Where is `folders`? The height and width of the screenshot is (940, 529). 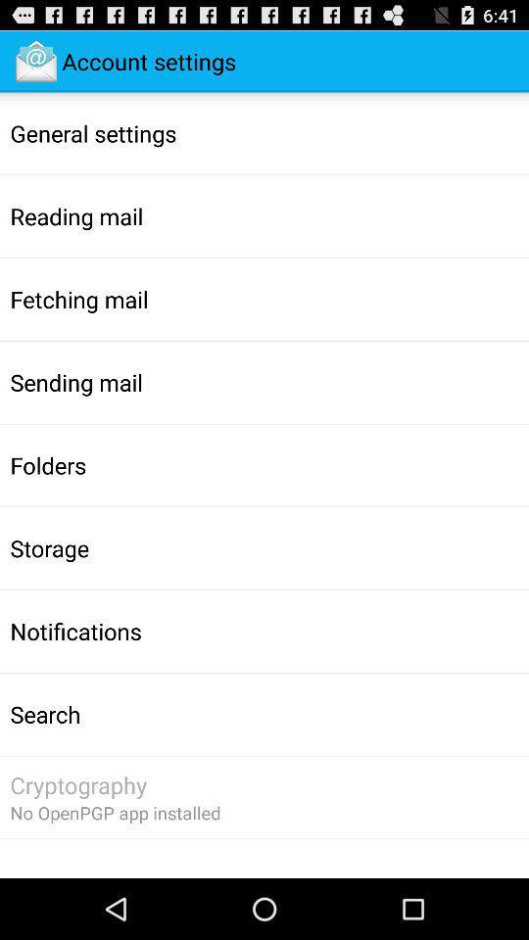 folders is located at coordinates (48, 465).